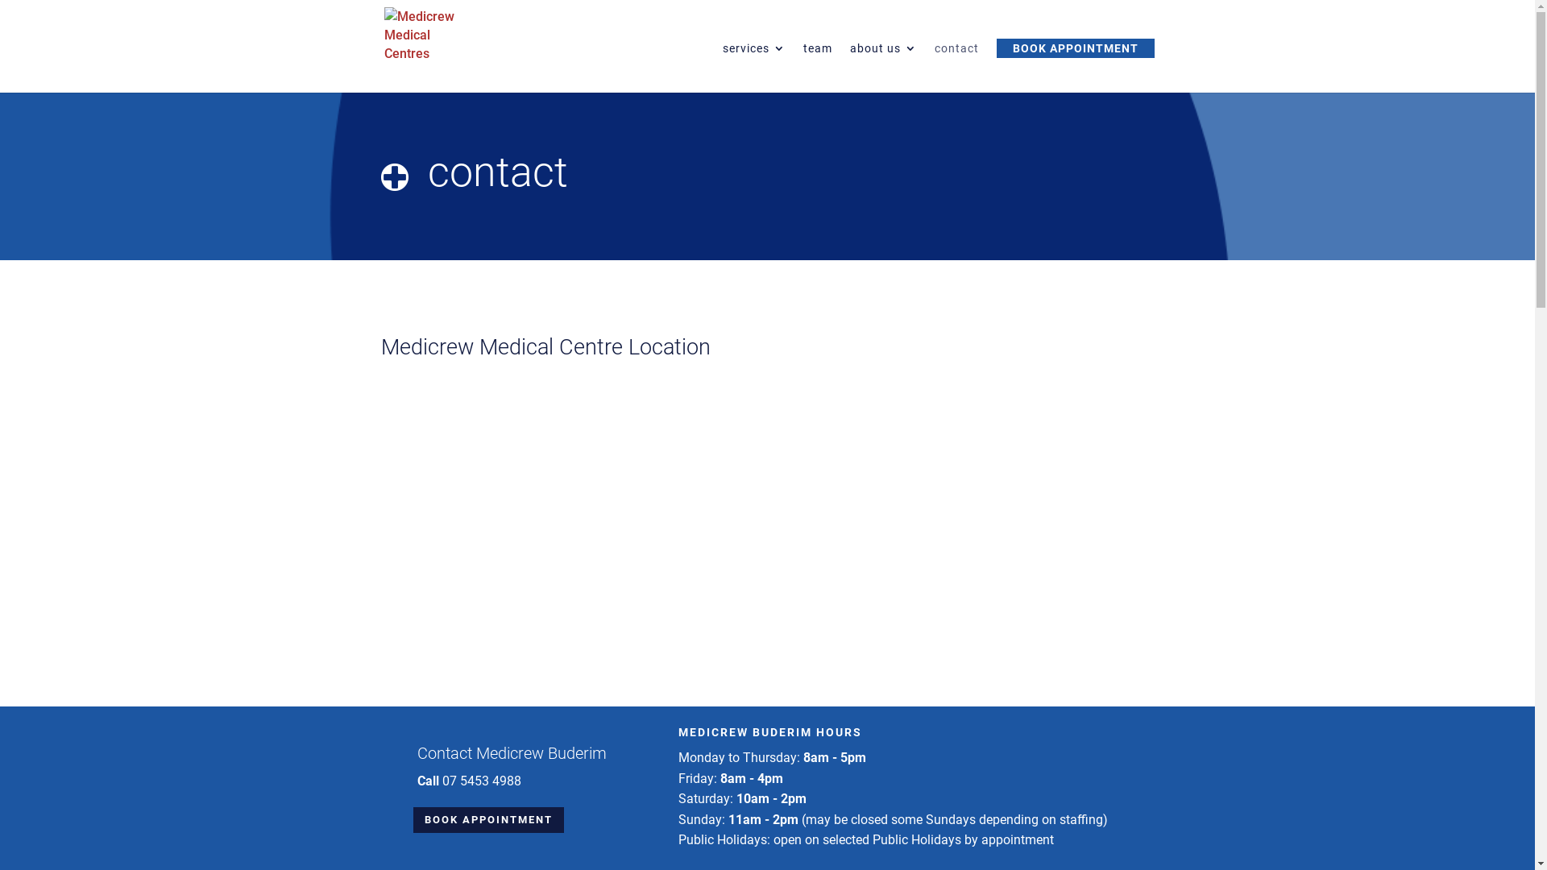  I want to click on 'contact', so click(935, 67).